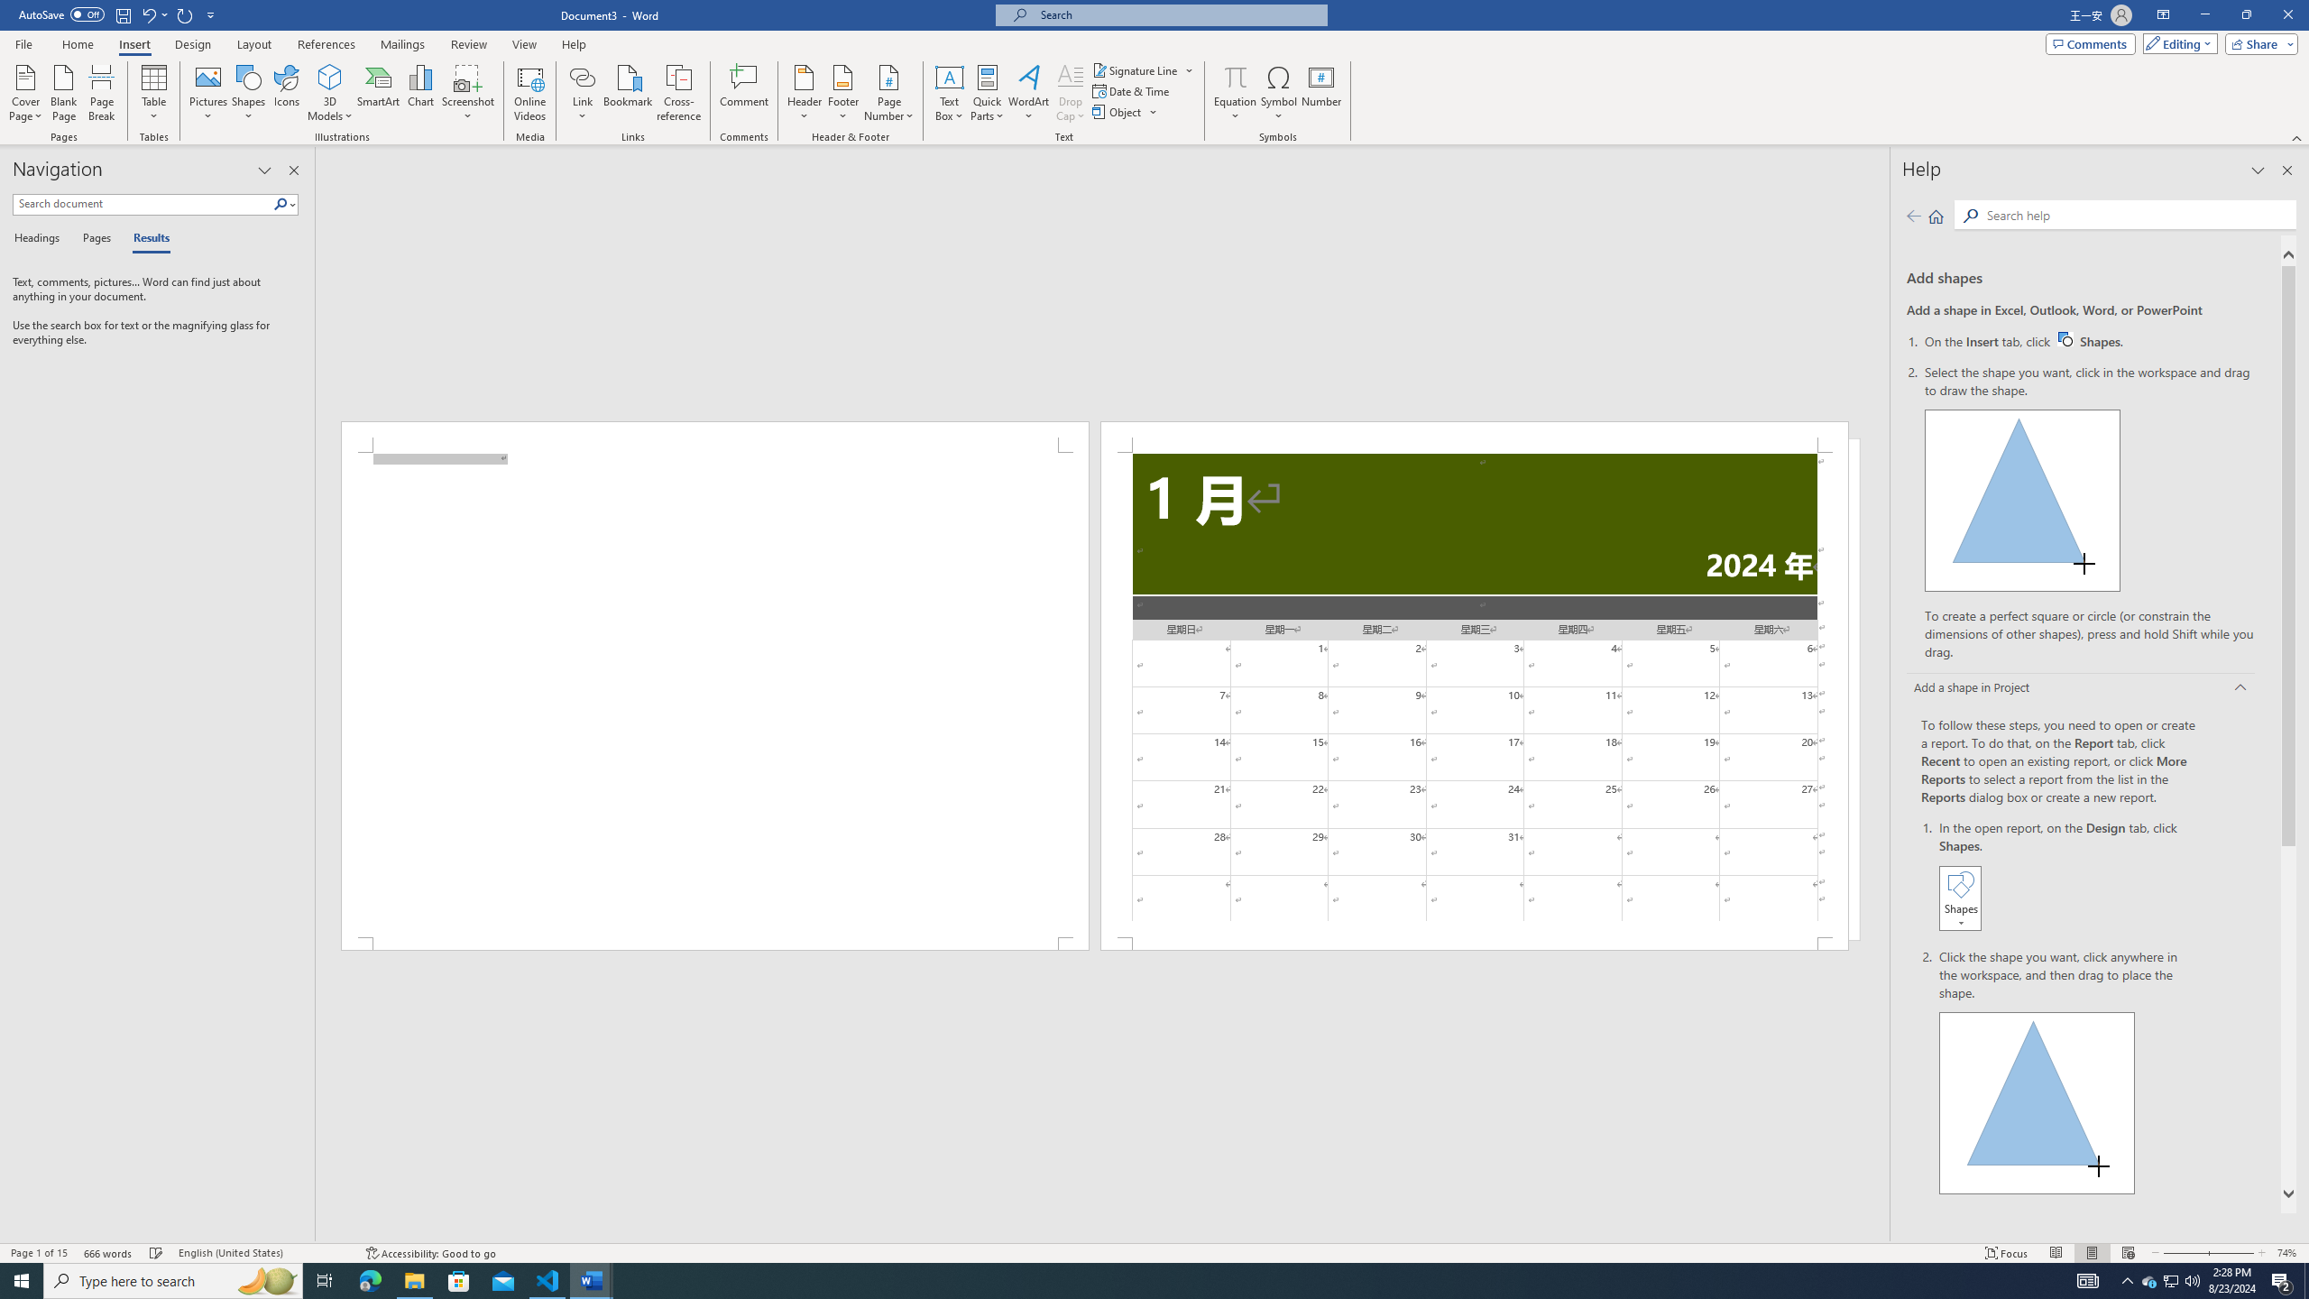 The height and width of the screenshot is (1299, 2309). I want to click on 'Object...', so click(1118, 110).